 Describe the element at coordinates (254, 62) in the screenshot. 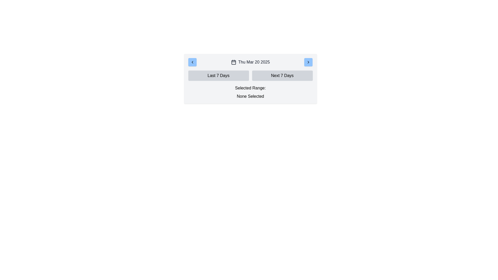

I see `the text label displaying the date 'Thu Mar 20 2025', which is aligned in the center of the interface and positioned above the buttons 'Last 7 Days' and 'Next 7 Days'` at that location.